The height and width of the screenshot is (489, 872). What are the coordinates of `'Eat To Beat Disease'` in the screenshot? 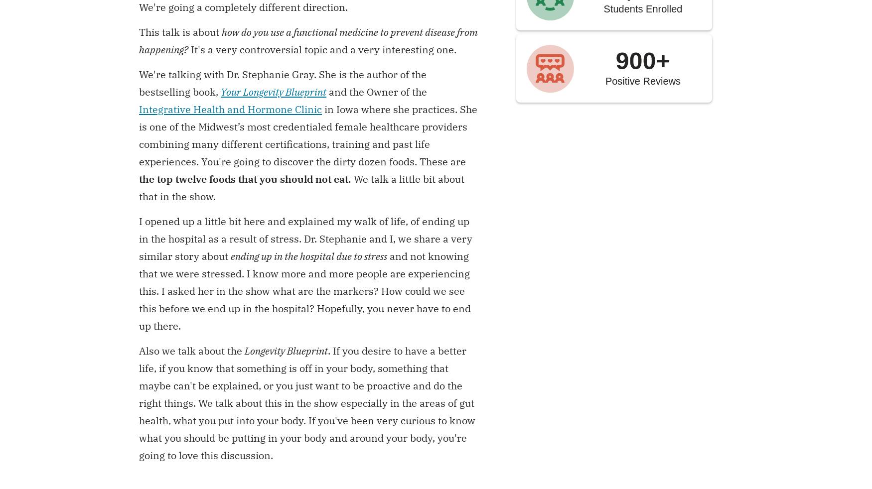 It's located at (510, 89).